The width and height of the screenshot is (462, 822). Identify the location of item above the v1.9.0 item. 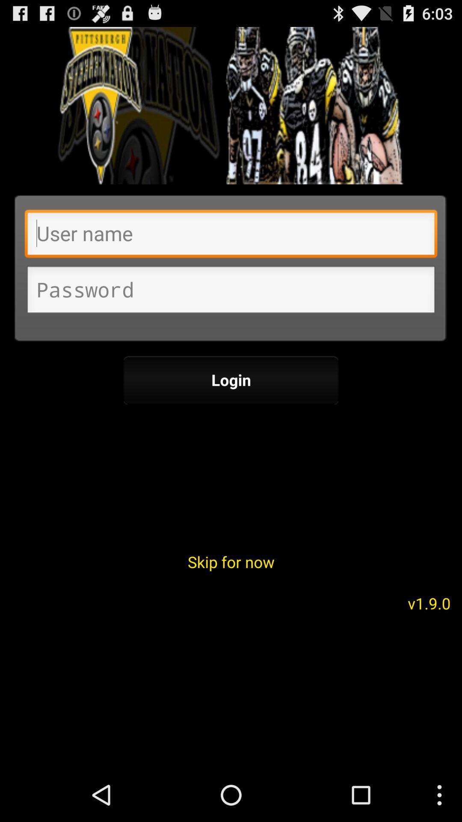
(231, 562).